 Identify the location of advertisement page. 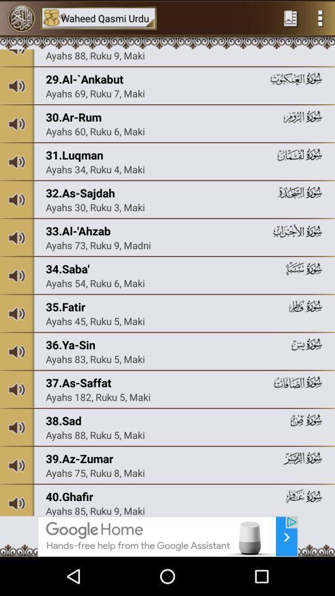
(167, 536).